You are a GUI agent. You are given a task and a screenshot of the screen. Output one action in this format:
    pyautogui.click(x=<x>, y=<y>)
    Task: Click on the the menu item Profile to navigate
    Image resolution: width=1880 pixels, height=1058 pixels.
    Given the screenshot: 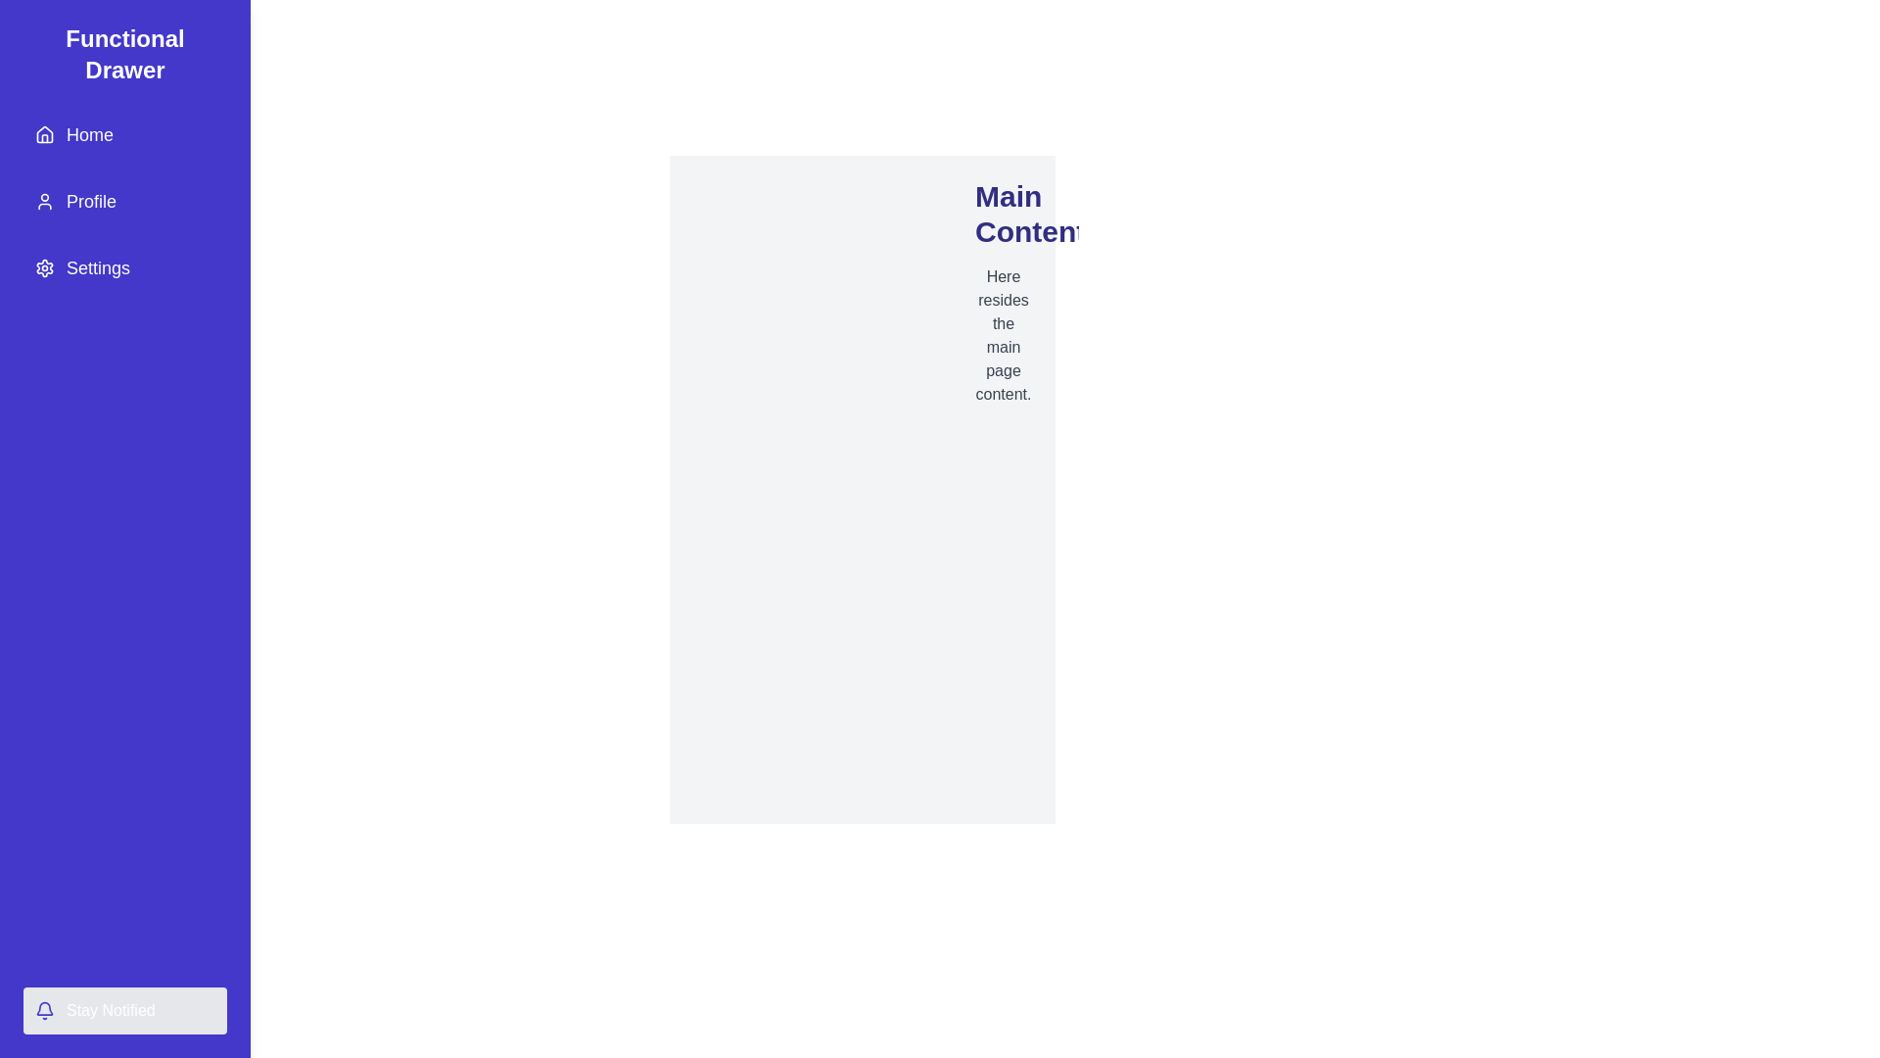 What is the action you would take?
    pyautogui.click(x=124, y=201)
    